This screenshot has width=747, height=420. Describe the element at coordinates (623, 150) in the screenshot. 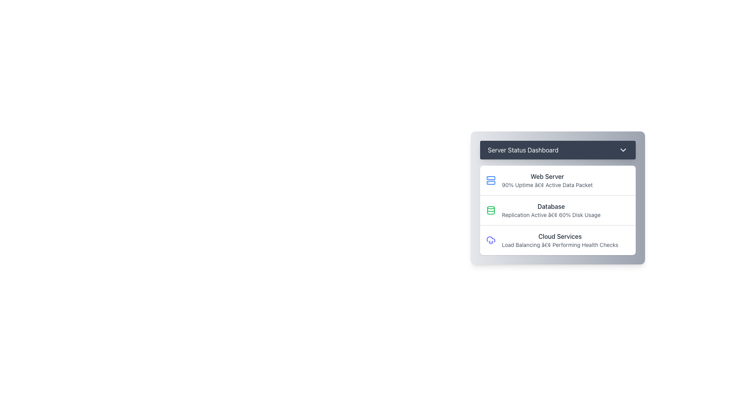

I see `the dropdown indicator icon located at the end of 'Server Status Dashboard' in the dark gray header block to toggle visibility of further content` at that location.